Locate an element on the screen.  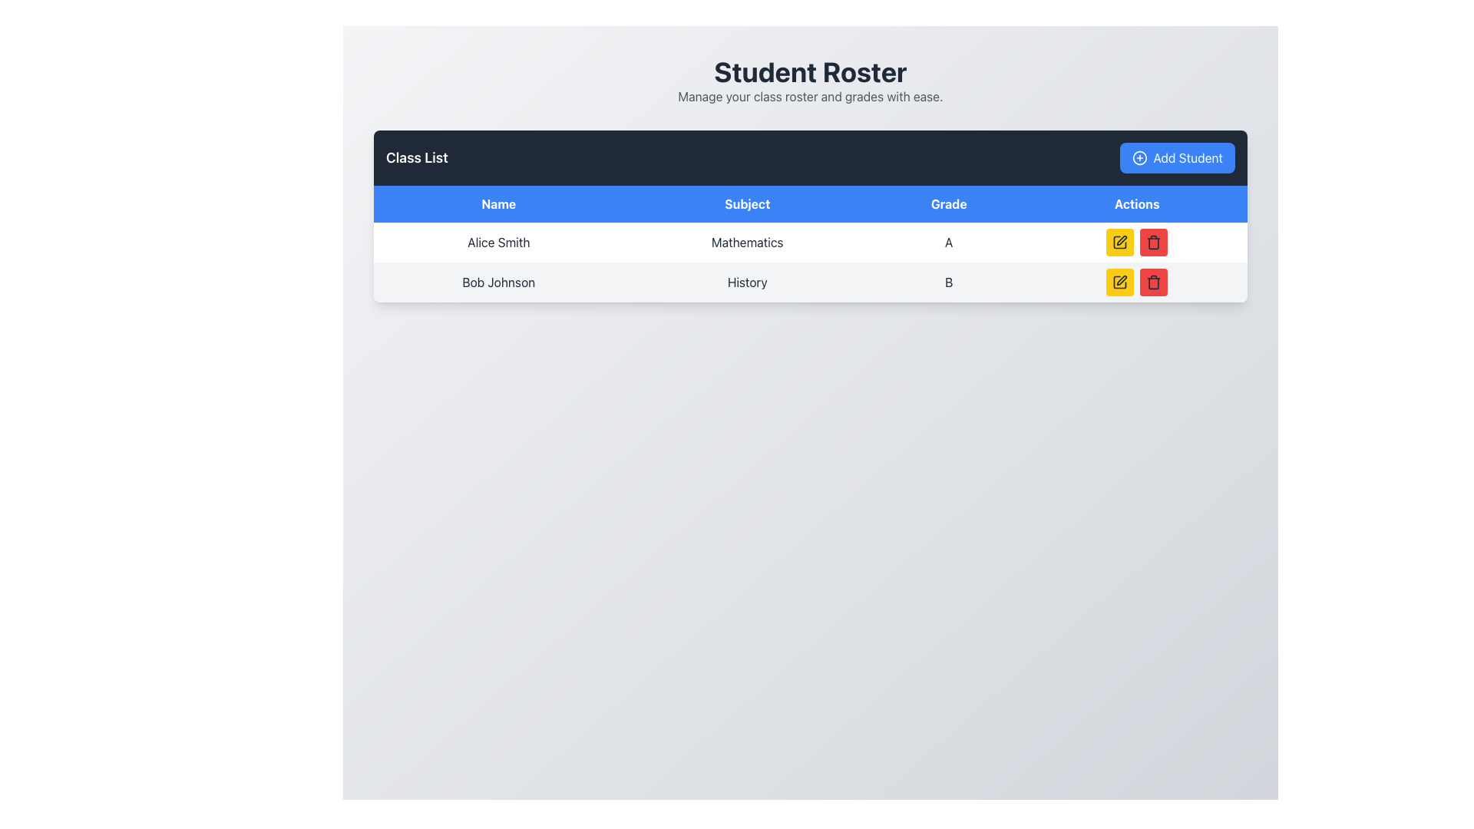
the trash can icon in the second row of the actions column is located at coordinates (1154, 282).